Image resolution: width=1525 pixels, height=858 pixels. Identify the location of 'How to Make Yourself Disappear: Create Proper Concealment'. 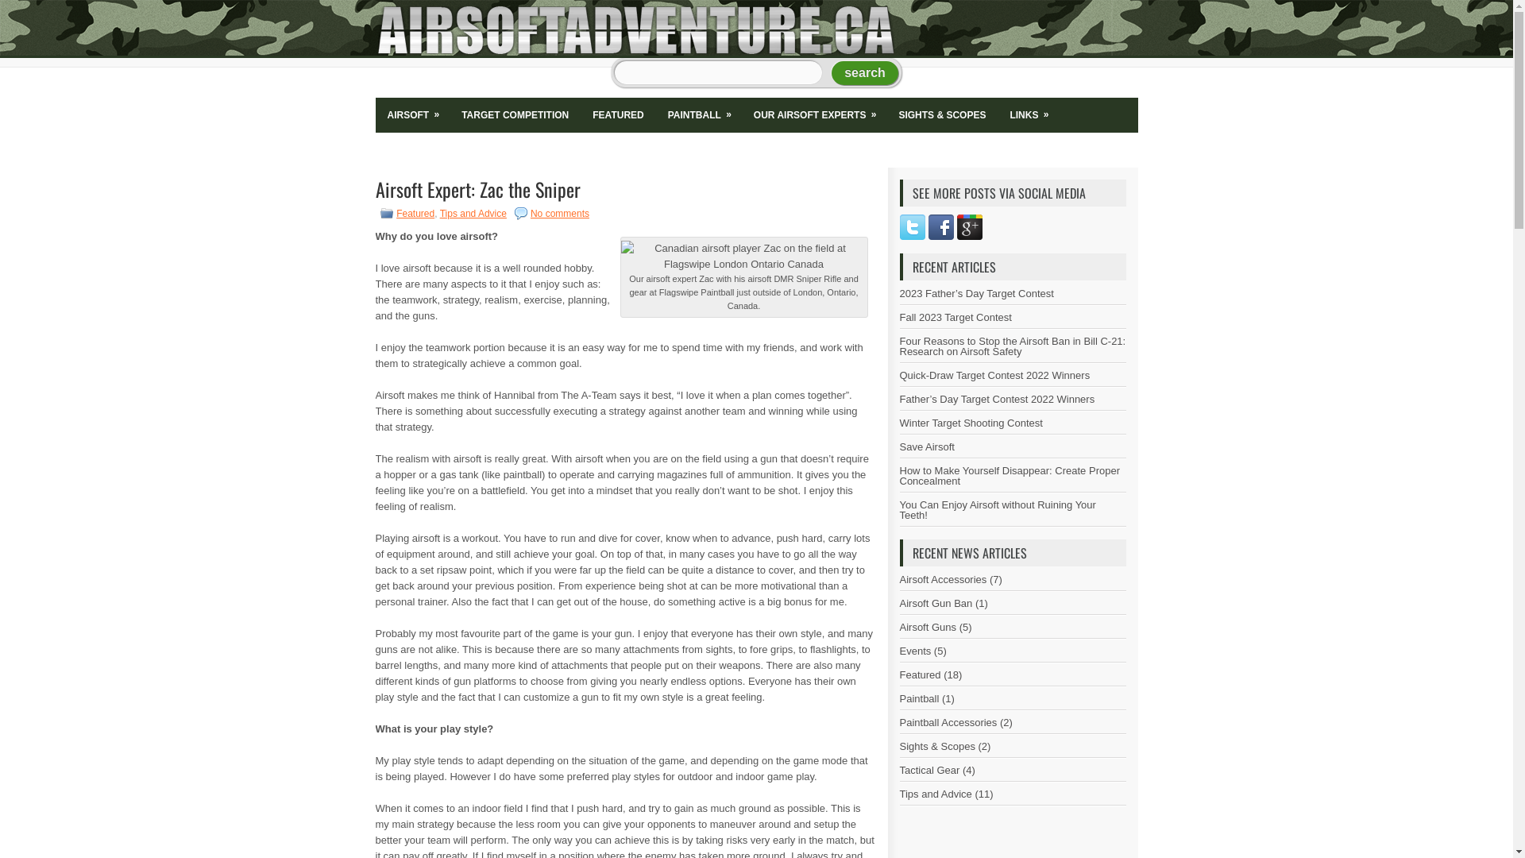
(1008, 474).